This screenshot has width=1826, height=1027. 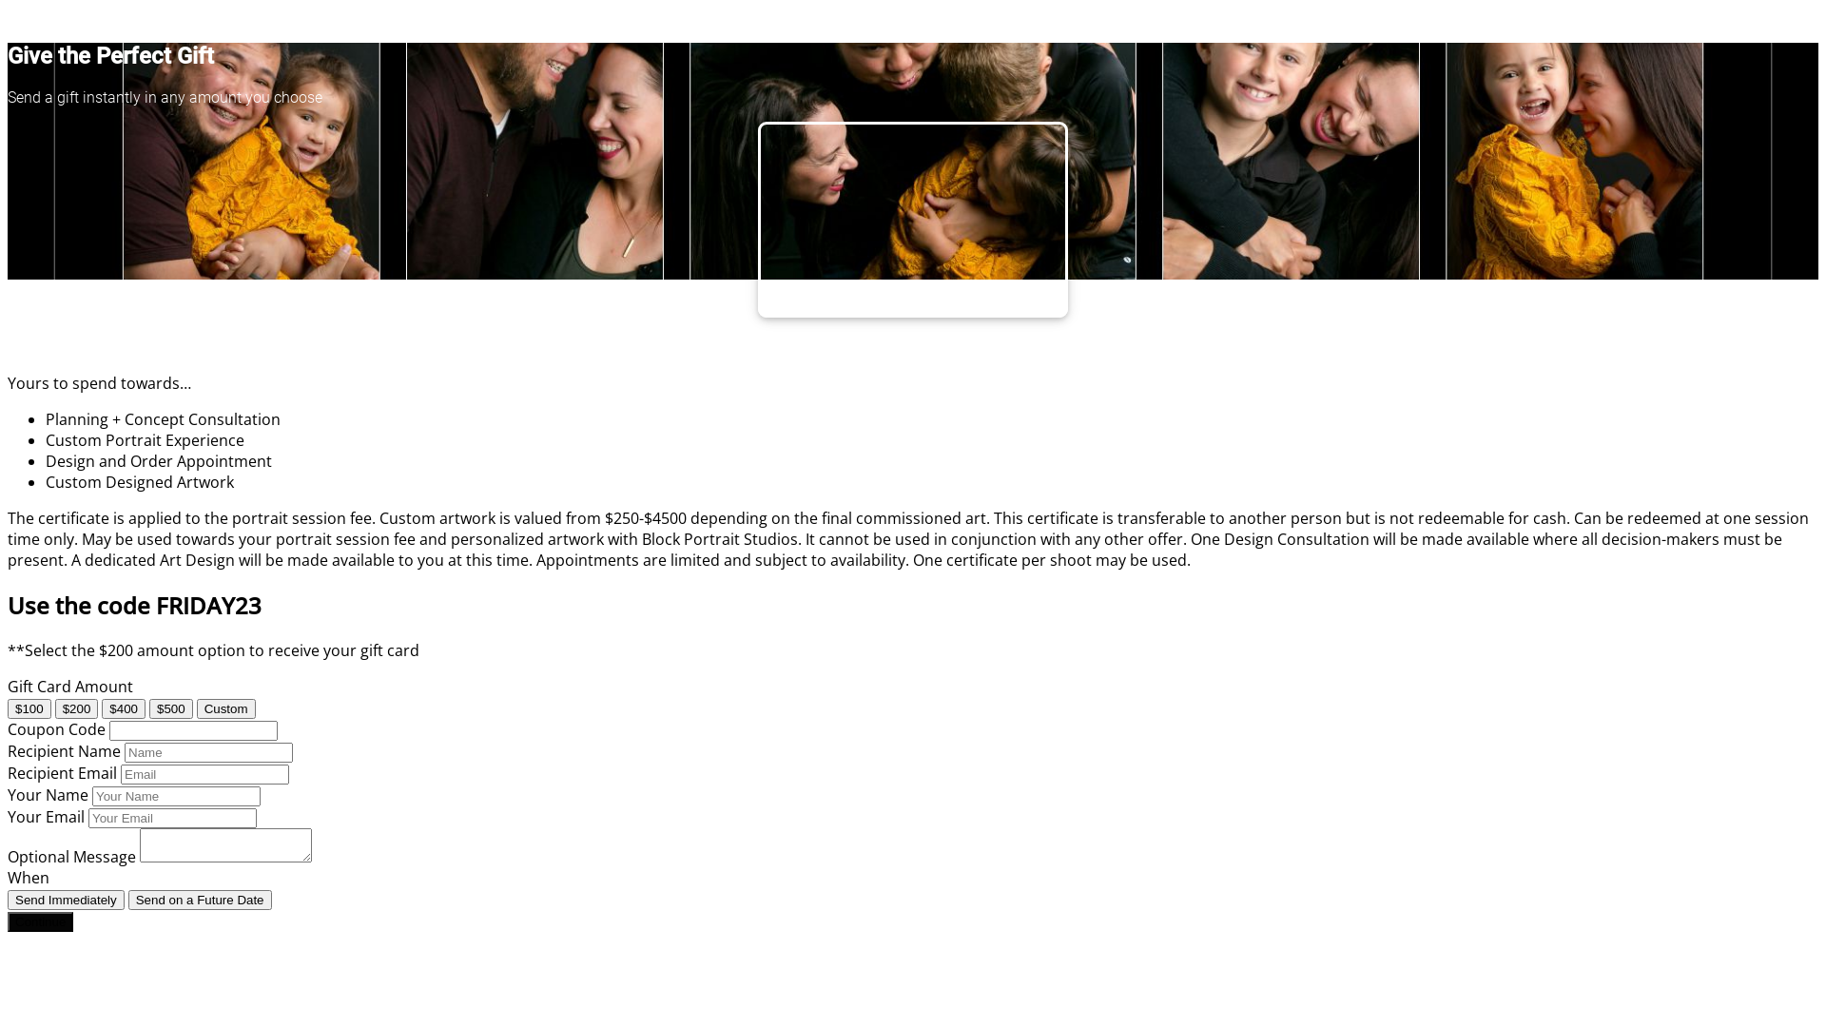 What do you see at coordinates (76, 708) in the screenshot?
I see `'$200'` at bounding box center [76, 708].